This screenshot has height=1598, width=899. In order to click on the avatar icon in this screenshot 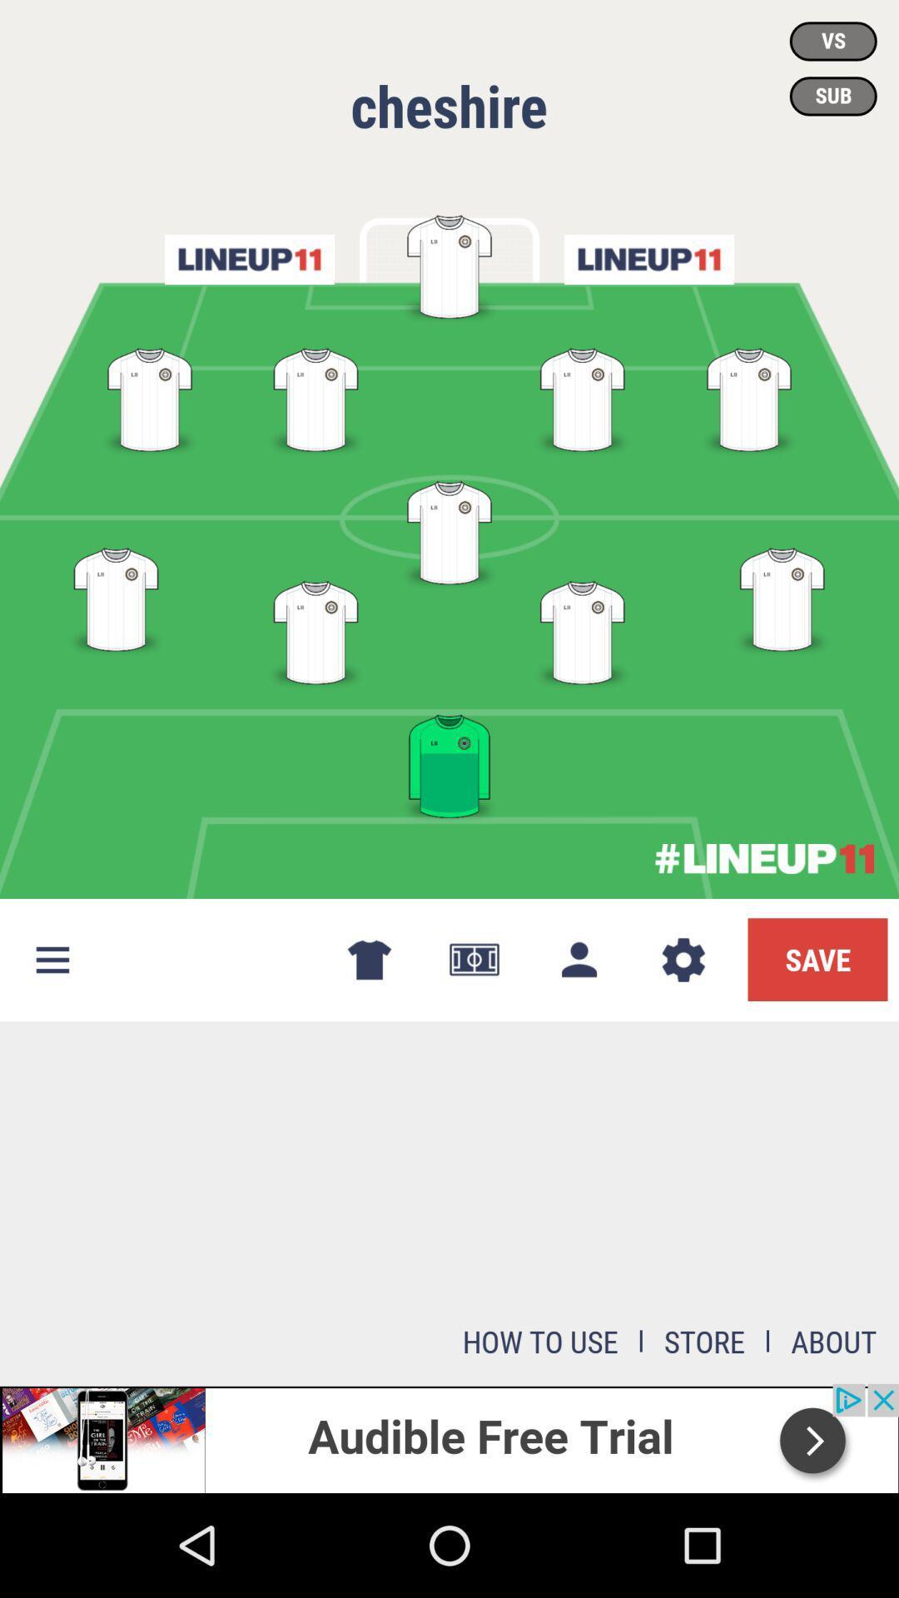, I will do `click(578, 960)`.